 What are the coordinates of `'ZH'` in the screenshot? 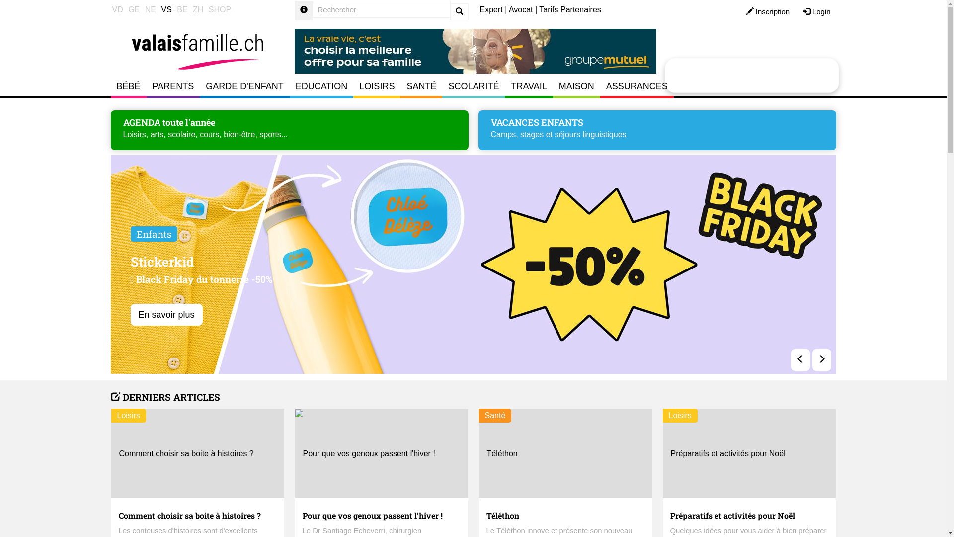 It's located at (198, 10).